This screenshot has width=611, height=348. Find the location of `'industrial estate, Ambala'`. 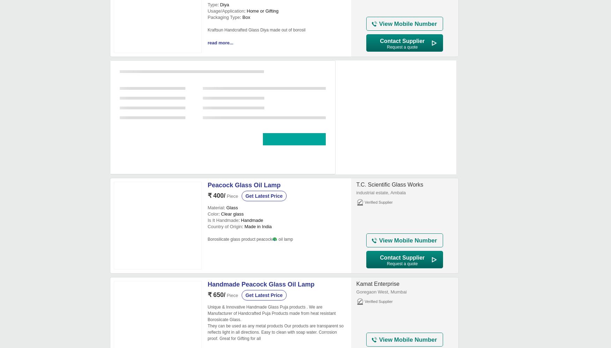

'industrial estate, Ambala' is located at coordinates (381, 192).